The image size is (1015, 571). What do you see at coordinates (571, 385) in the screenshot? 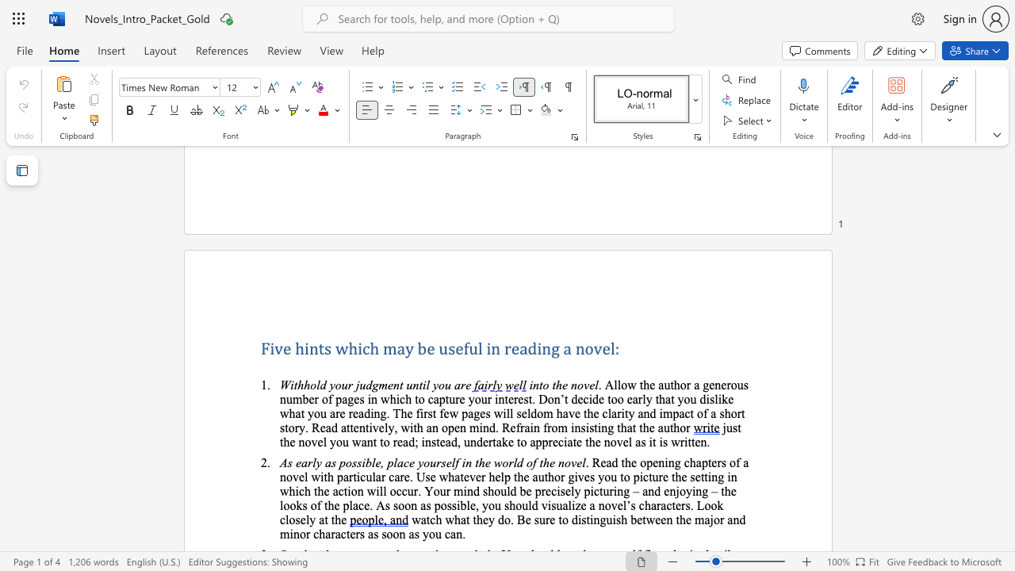
I see `the subset text "novel" within the text "into the novel"` at bounding box center [571, 385].